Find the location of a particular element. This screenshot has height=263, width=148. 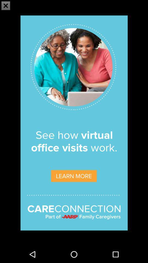

the close icon is located at coordinates (5, 6).